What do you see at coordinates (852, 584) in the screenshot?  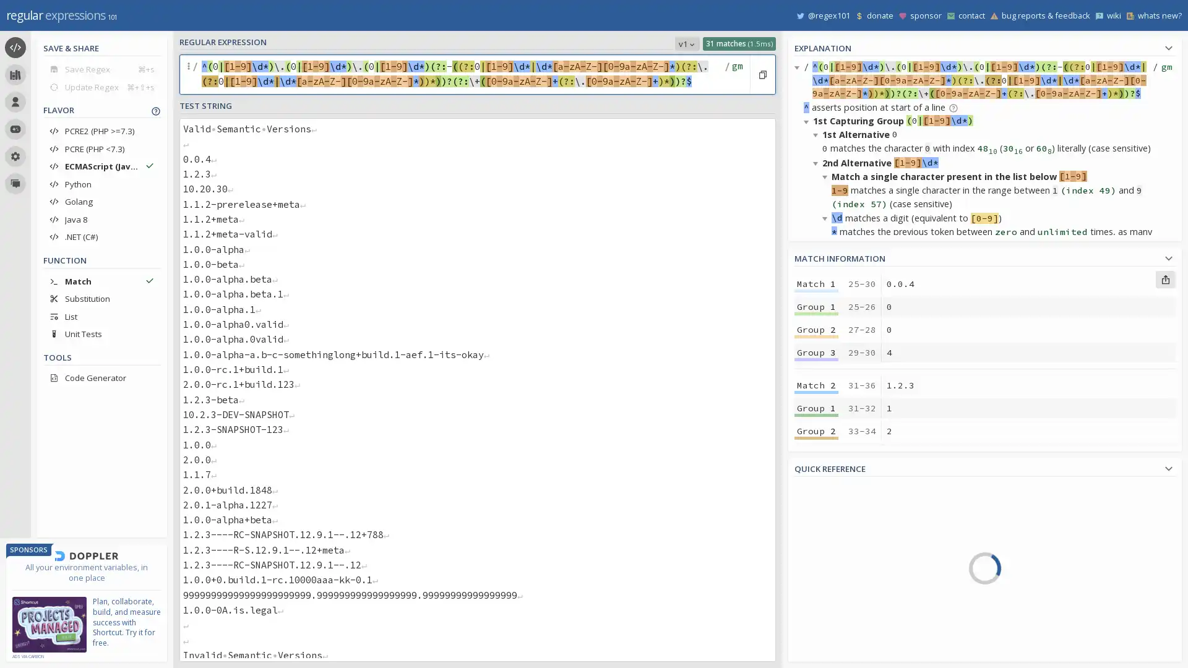 I see `Meta Sequences` at bounding box center [852, 584].